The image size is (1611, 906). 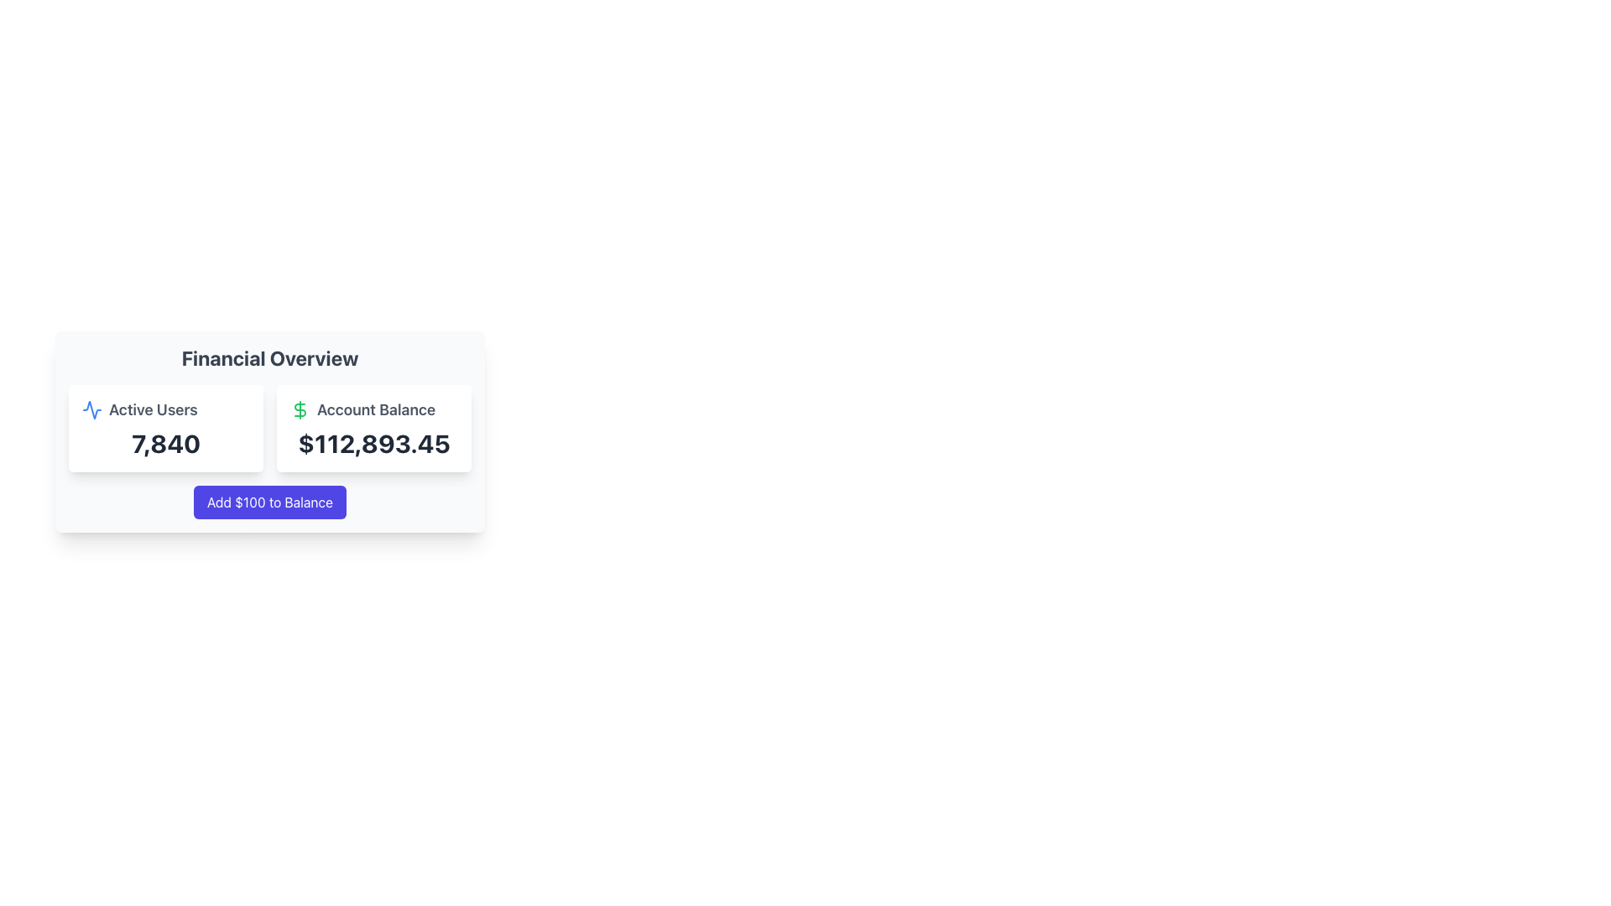 I want to click on the 'Active Users' text label with a blue waveform icon, which is located at the top left of the user statistics card, so click(x=165, y=410).